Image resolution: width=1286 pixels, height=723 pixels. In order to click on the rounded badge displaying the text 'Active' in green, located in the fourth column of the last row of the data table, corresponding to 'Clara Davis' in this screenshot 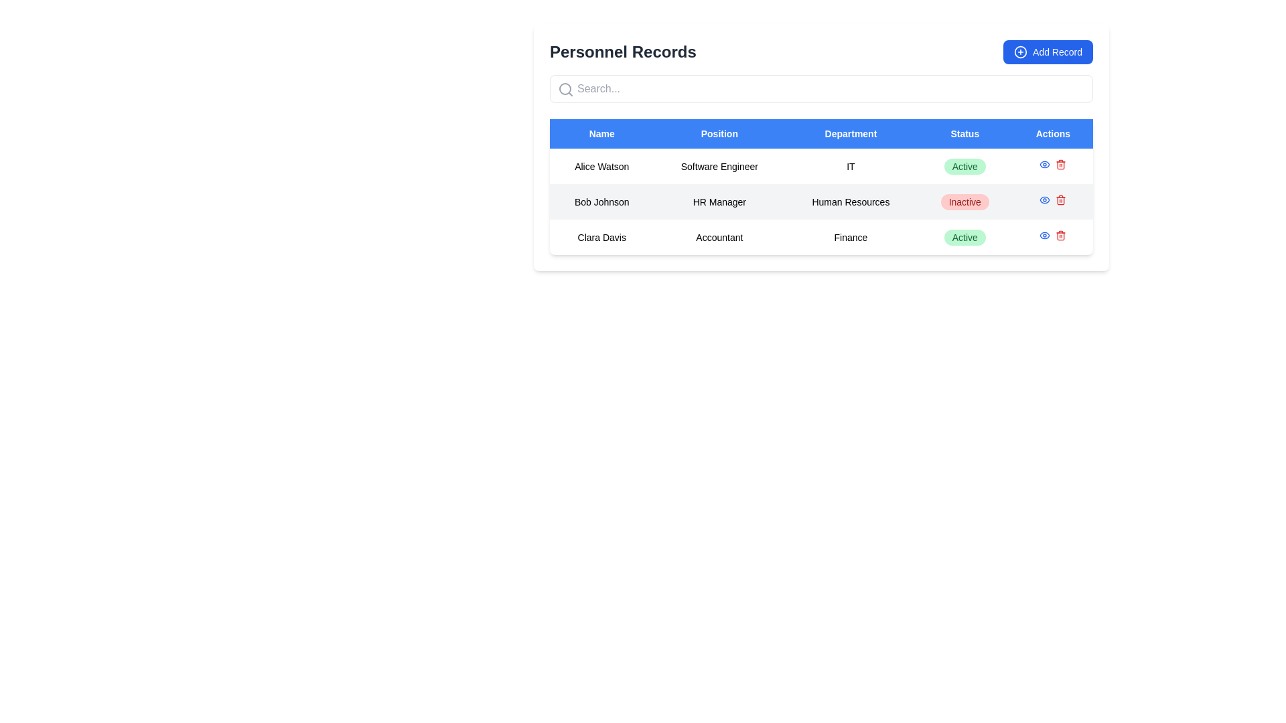, I will do `click(964, 236)`.